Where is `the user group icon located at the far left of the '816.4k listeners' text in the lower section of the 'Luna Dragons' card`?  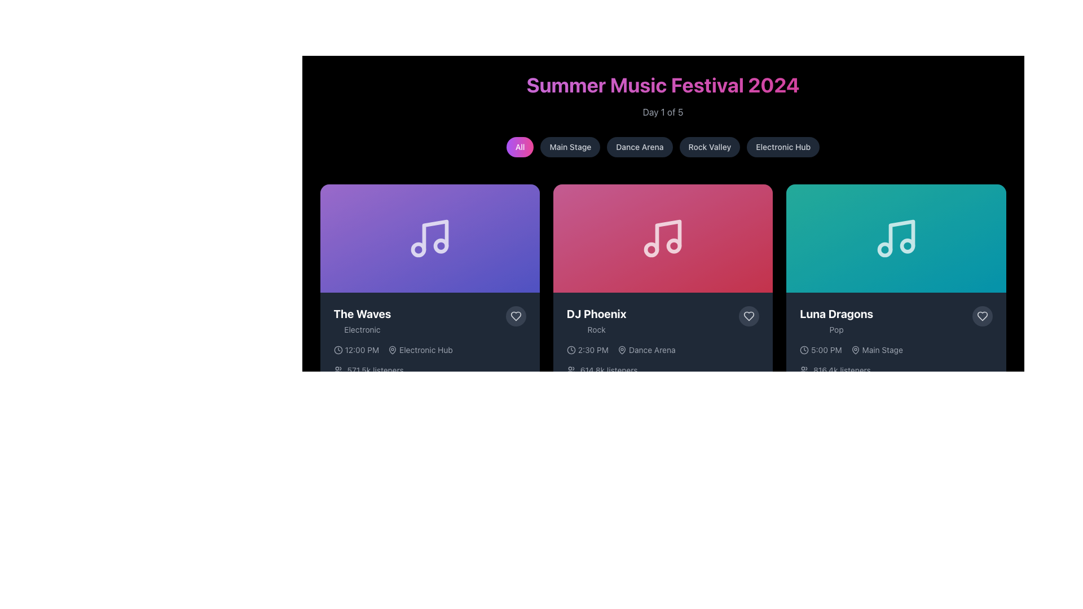 the user group icon located at the far left of the '816.4k listeners' text in the lower section of the 'Luna Dragons' card is located at coordinates (804, 370).